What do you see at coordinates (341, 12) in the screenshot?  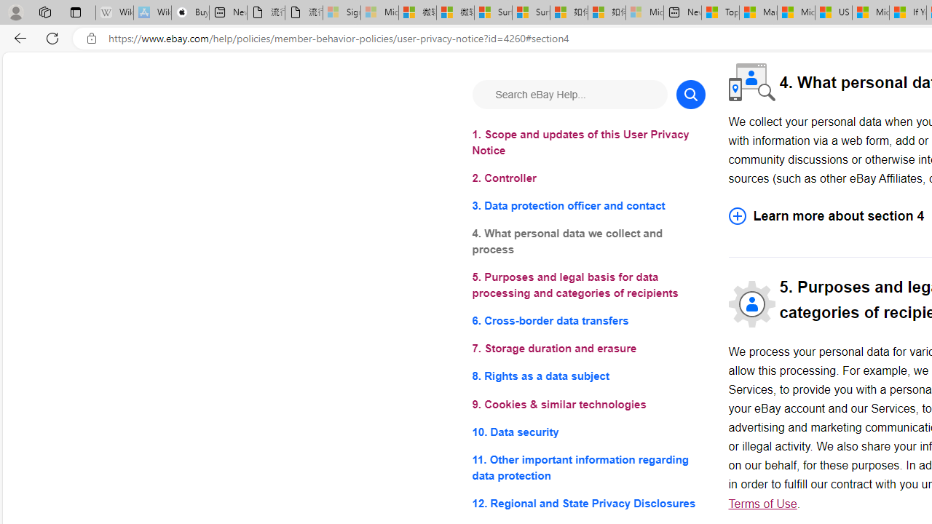 I see `'Sign in to your Microsoft account - Sleeping'` at bounding box center [341, 12].